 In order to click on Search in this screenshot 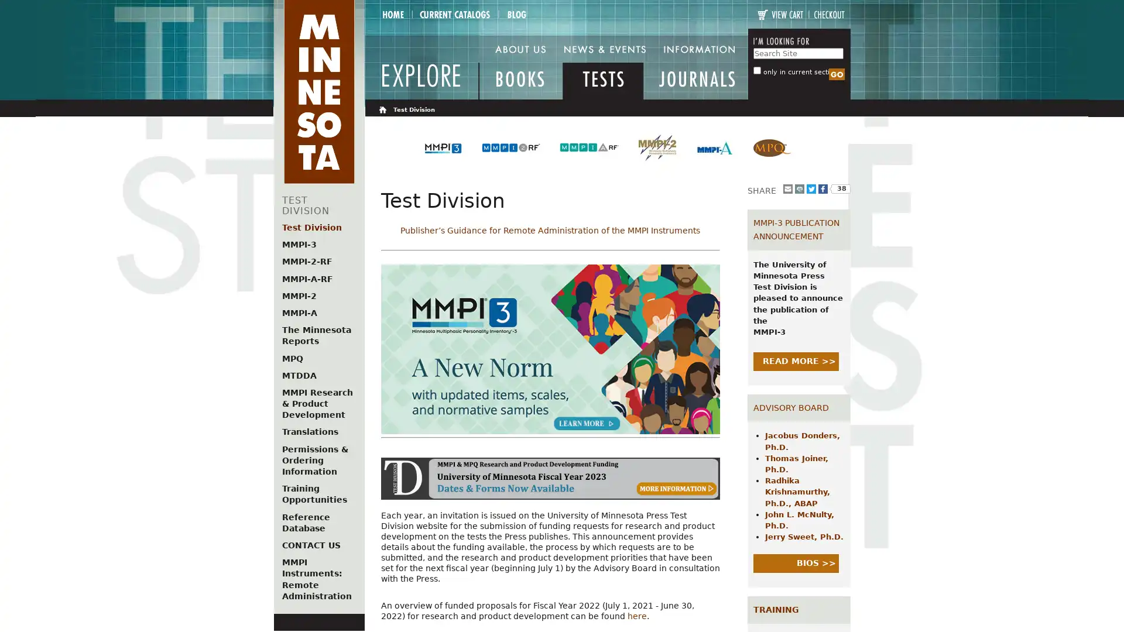, I will do `click(836, 74)`.